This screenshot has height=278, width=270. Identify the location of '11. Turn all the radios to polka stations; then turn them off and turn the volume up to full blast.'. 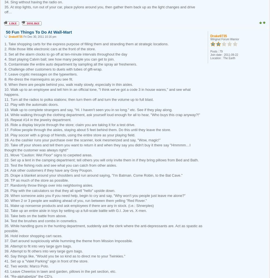
(4, 99).